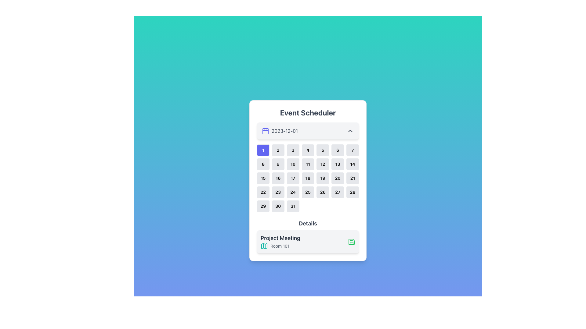 This screenshot has width=586, height=329. I want to click on the button representing the selectable day '10' in the calendar interface under the 'Event Scheduler' headline, so click(293, 164).